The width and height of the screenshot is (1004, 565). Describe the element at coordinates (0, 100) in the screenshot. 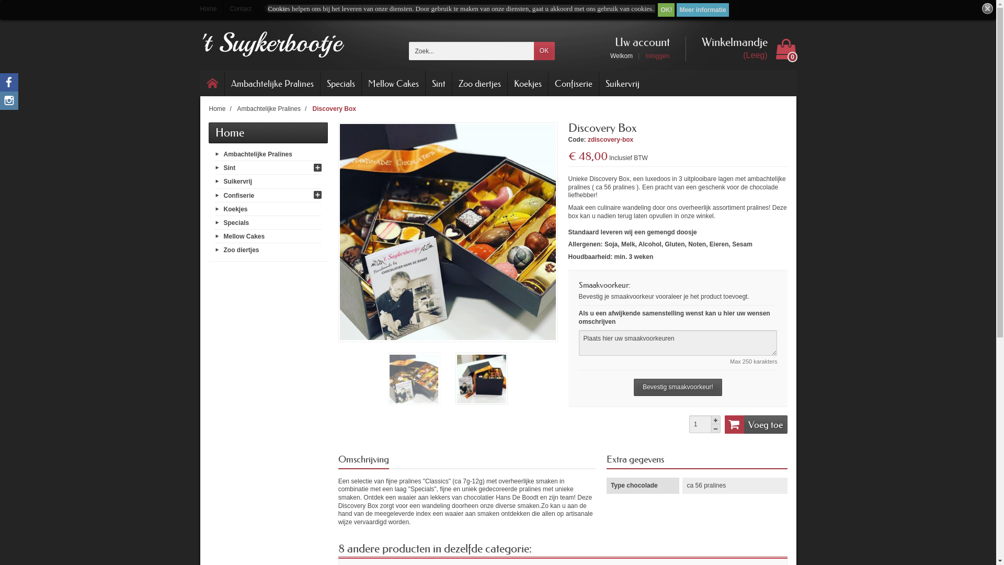

I see `'Instagram'` at that location.